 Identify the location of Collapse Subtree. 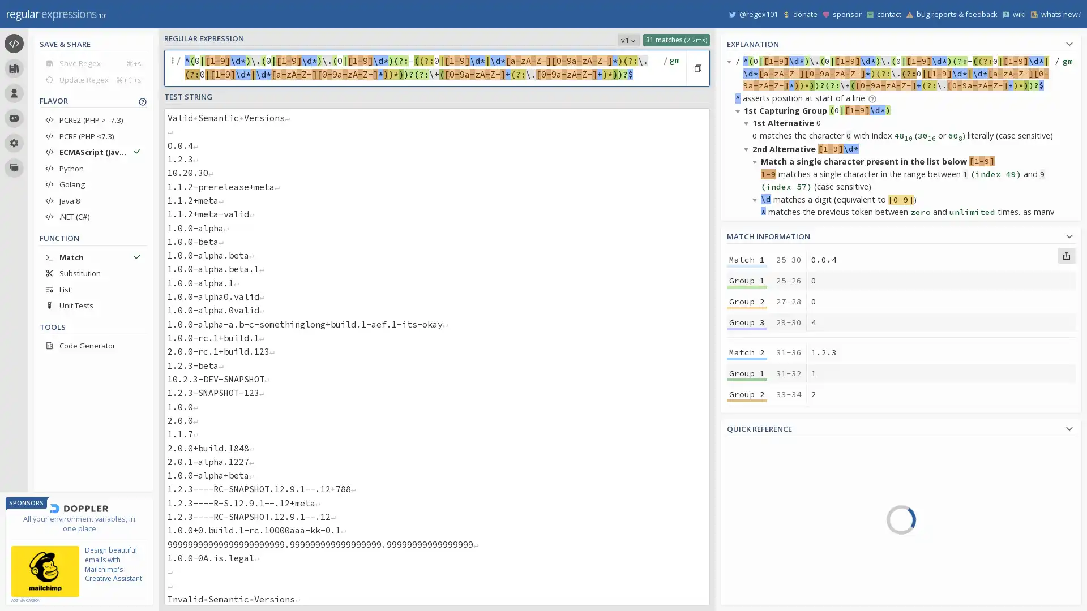
(756, 198).